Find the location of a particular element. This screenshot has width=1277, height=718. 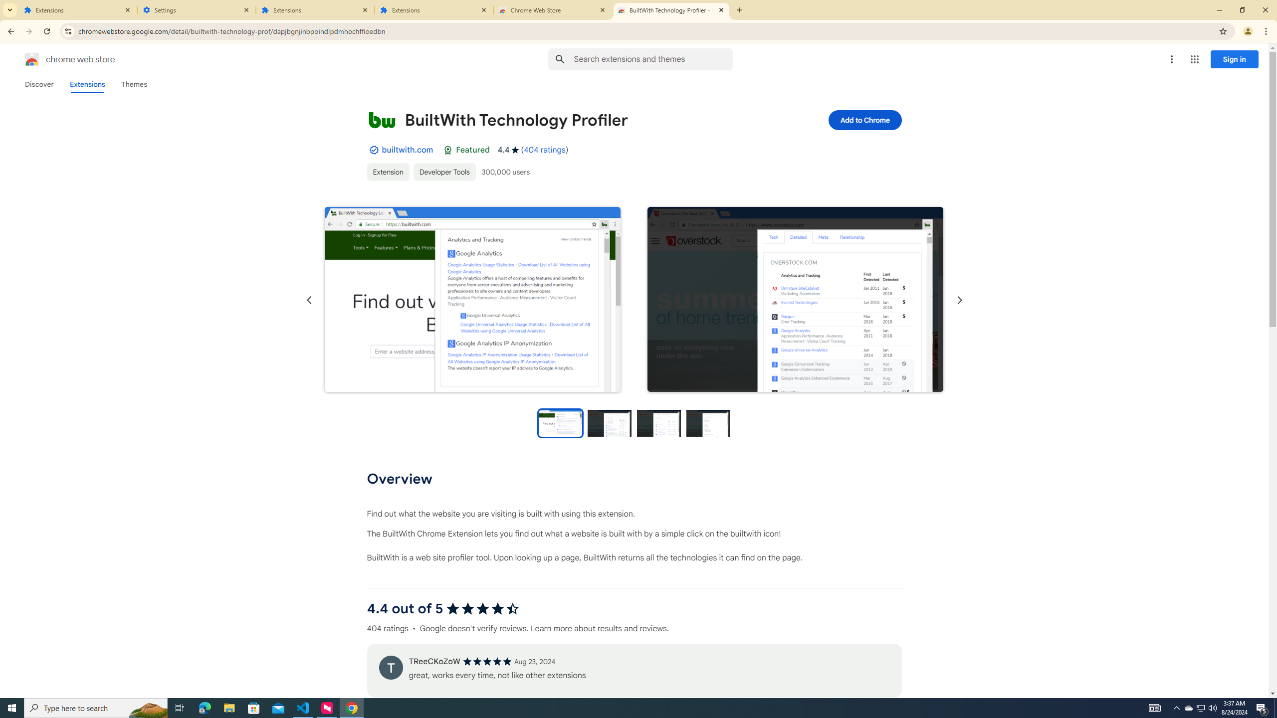

'Extensions' is located at coordinates (77, 9).